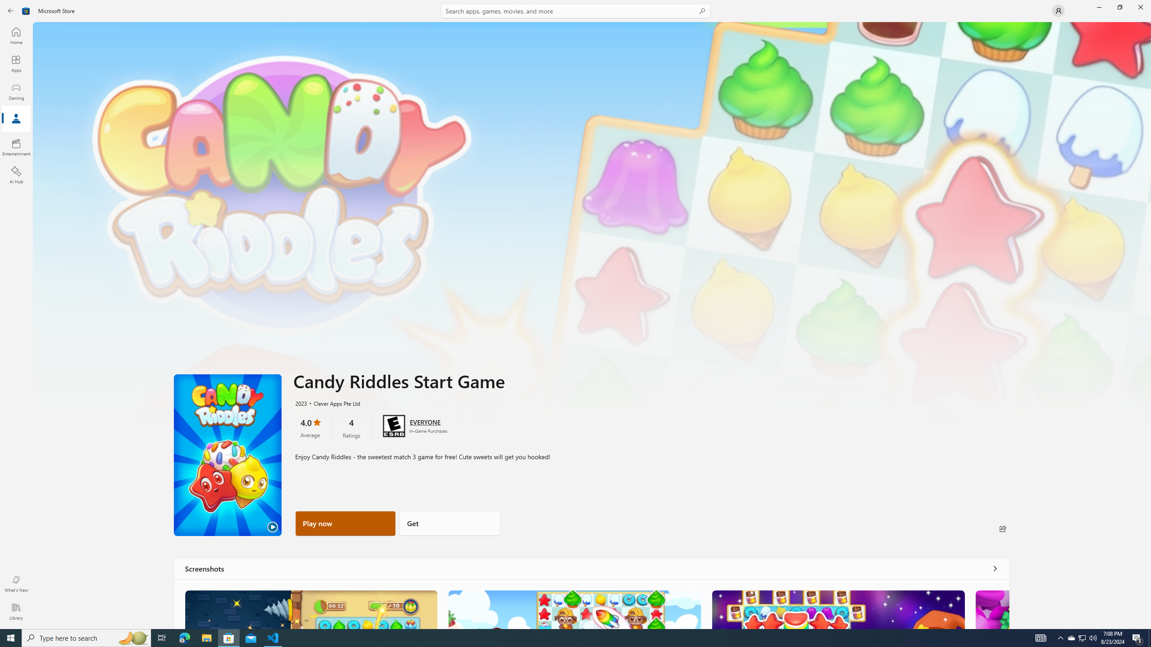 The image size is (1151, 647). Describe the element at coordinates (995, 568) in the screenshot. I see `'See all'` at that location.